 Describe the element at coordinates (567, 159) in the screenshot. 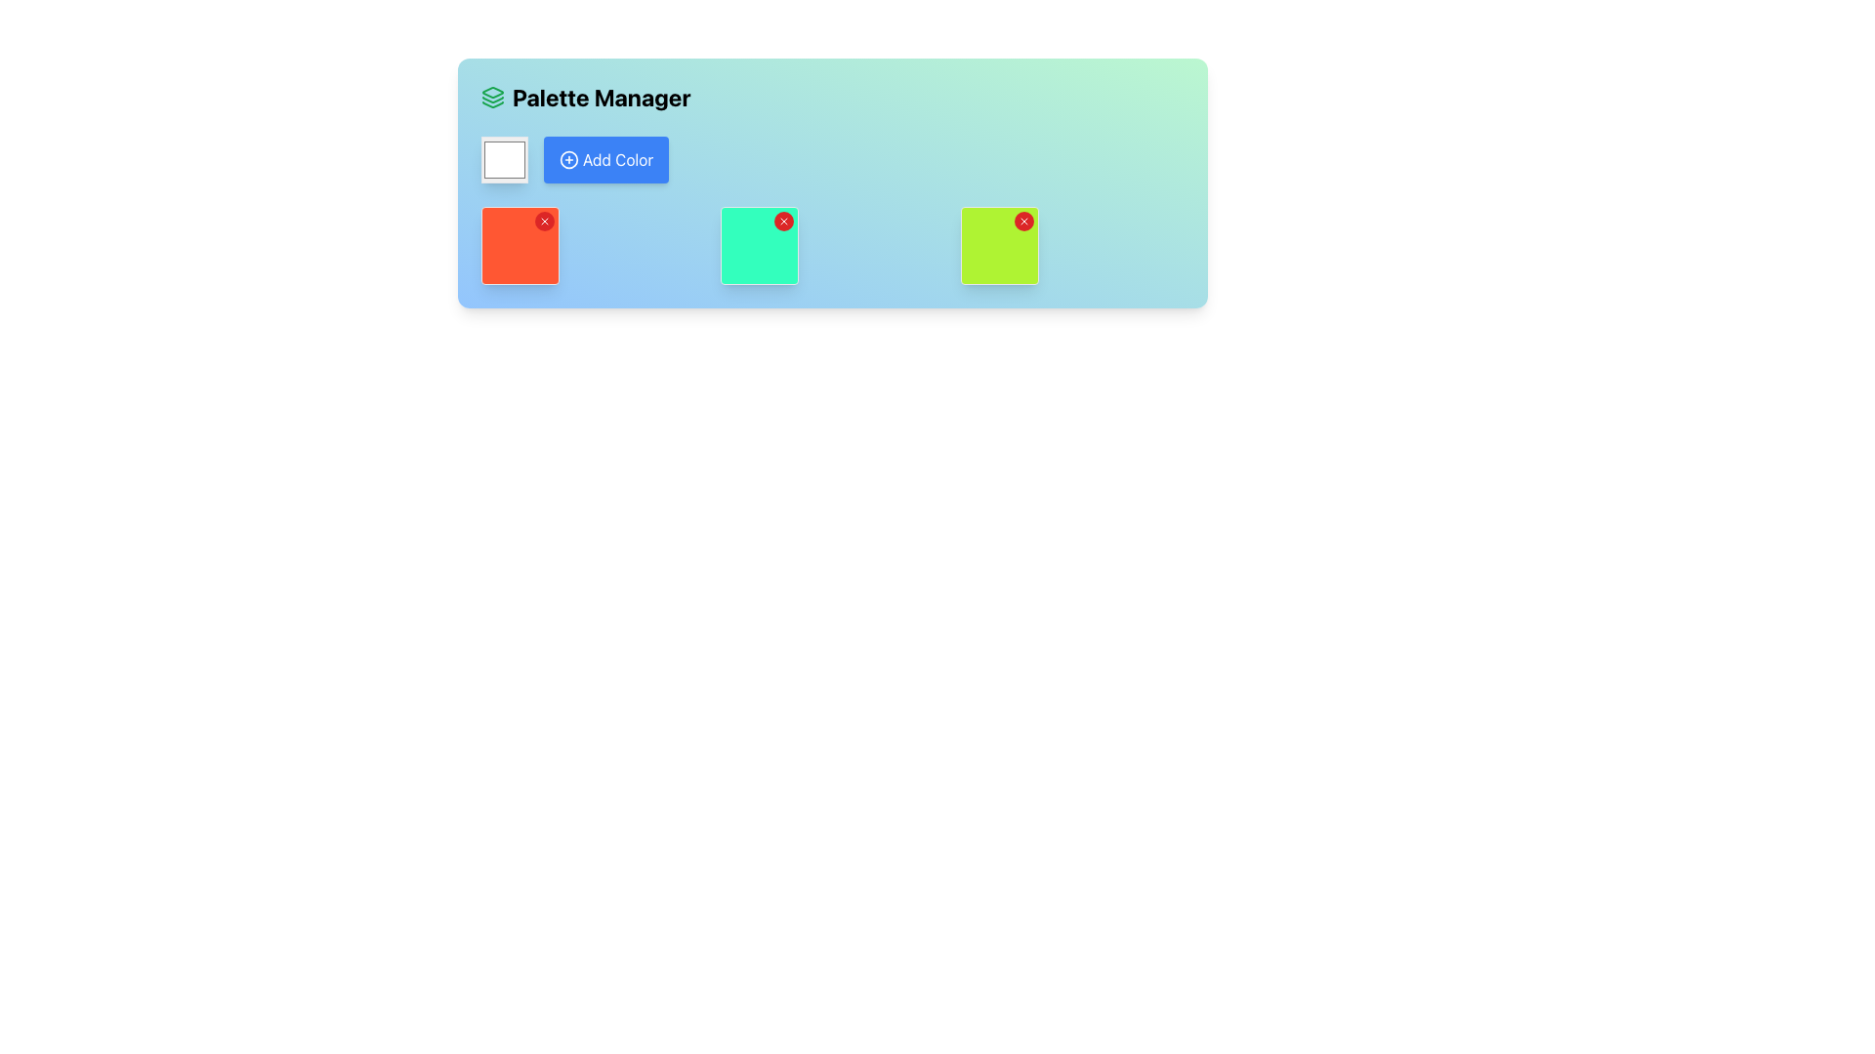

I see `the SVG circle element representing a circle plus symbol in the 'Palette Manager' module, indicating an add or create functionality` at that location.